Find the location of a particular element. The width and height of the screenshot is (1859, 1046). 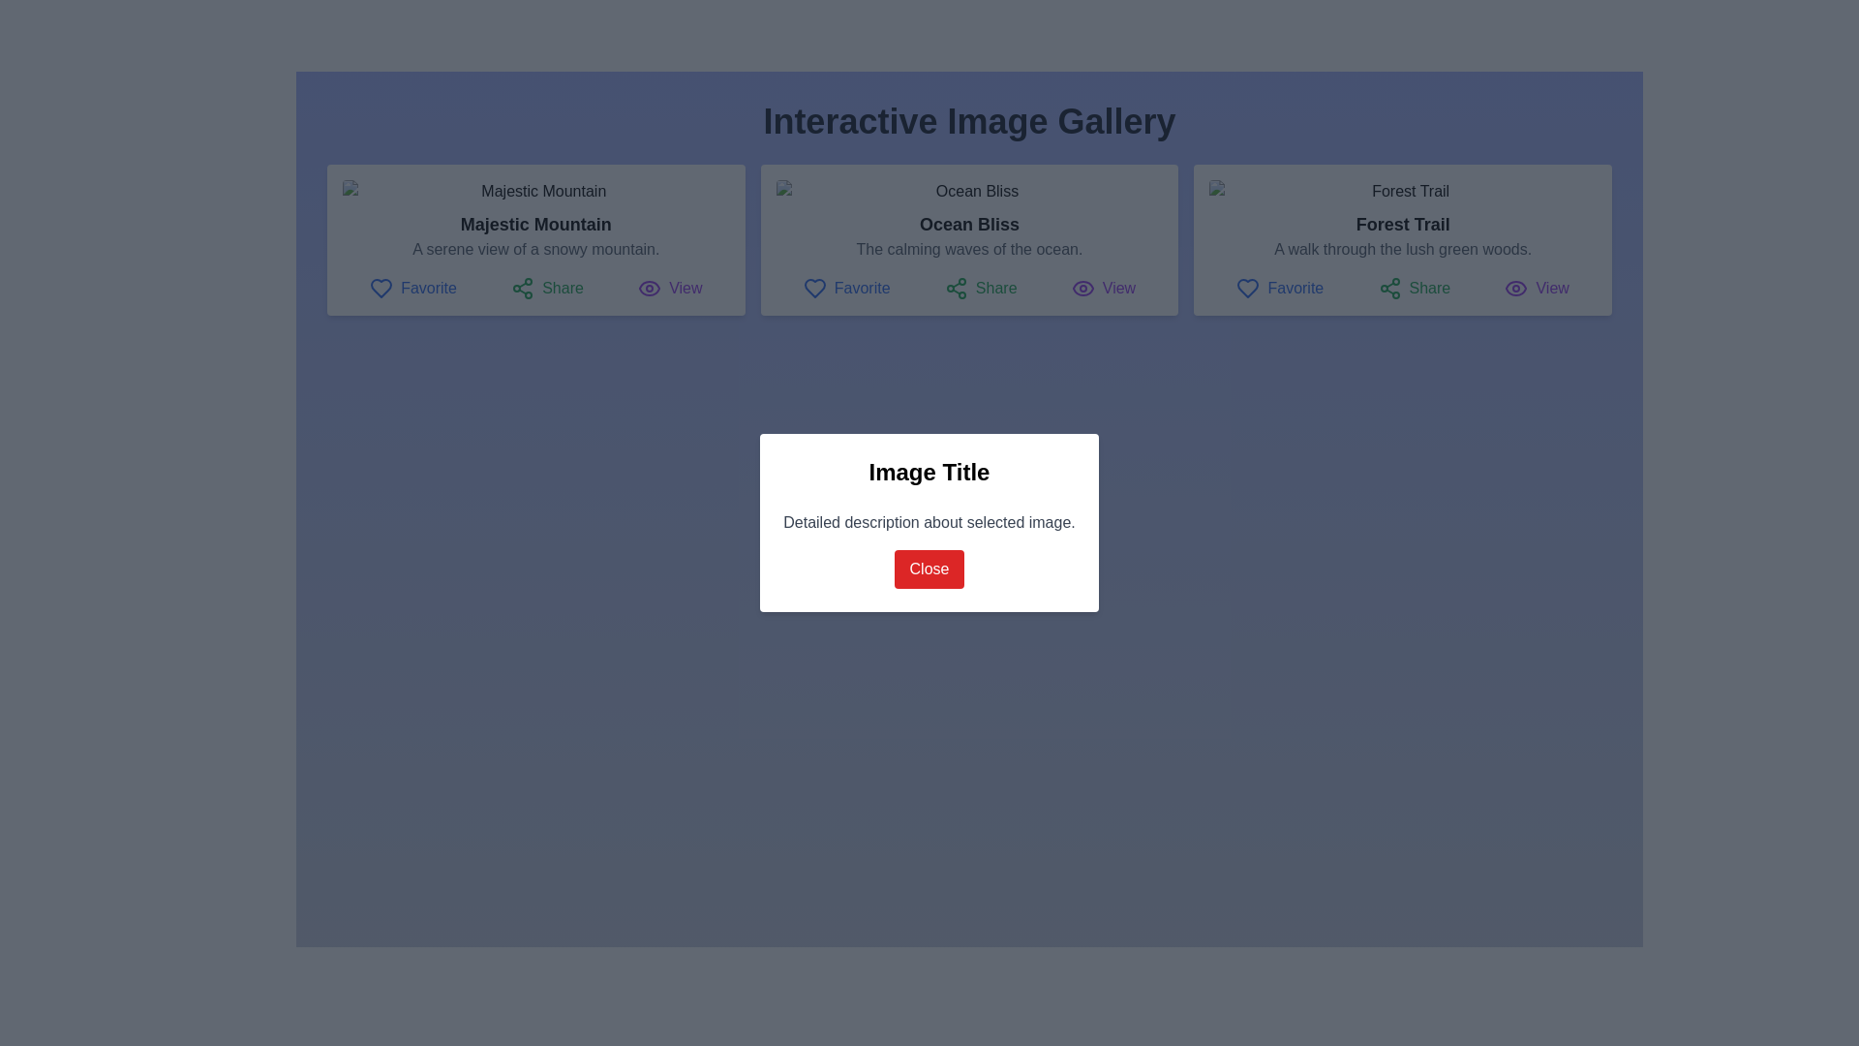

the Close button located at the bottom center of the modal dialog box is located at coordinates (929, 568).